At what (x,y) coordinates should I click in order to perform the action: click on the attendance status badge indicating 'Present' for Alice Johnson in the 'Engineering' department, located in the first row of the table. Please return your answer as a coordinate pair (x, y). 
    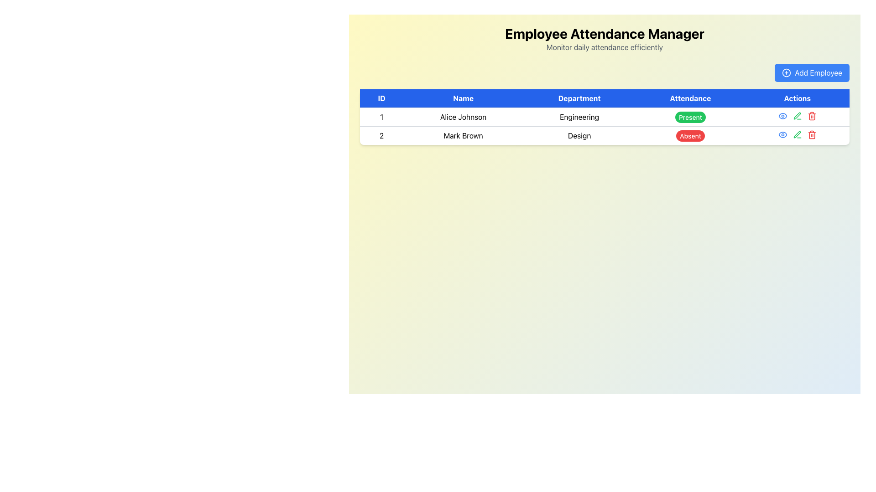
    Looking at the image, I should click on (690, 117).